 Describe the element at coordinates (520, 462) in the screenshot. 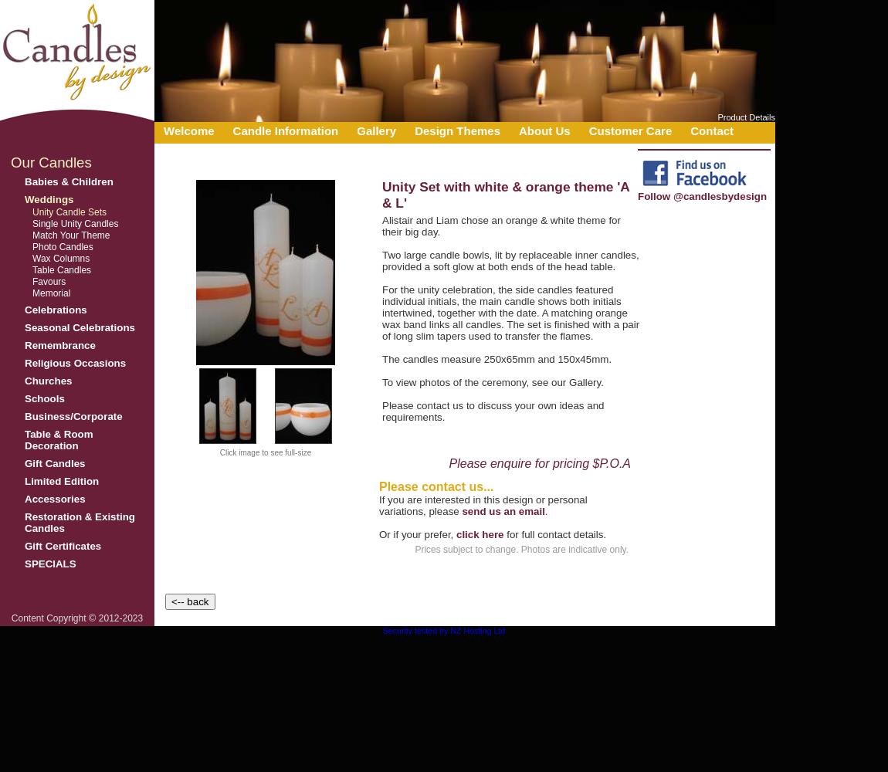

I see `'Please enquire for pricing'` at that location.